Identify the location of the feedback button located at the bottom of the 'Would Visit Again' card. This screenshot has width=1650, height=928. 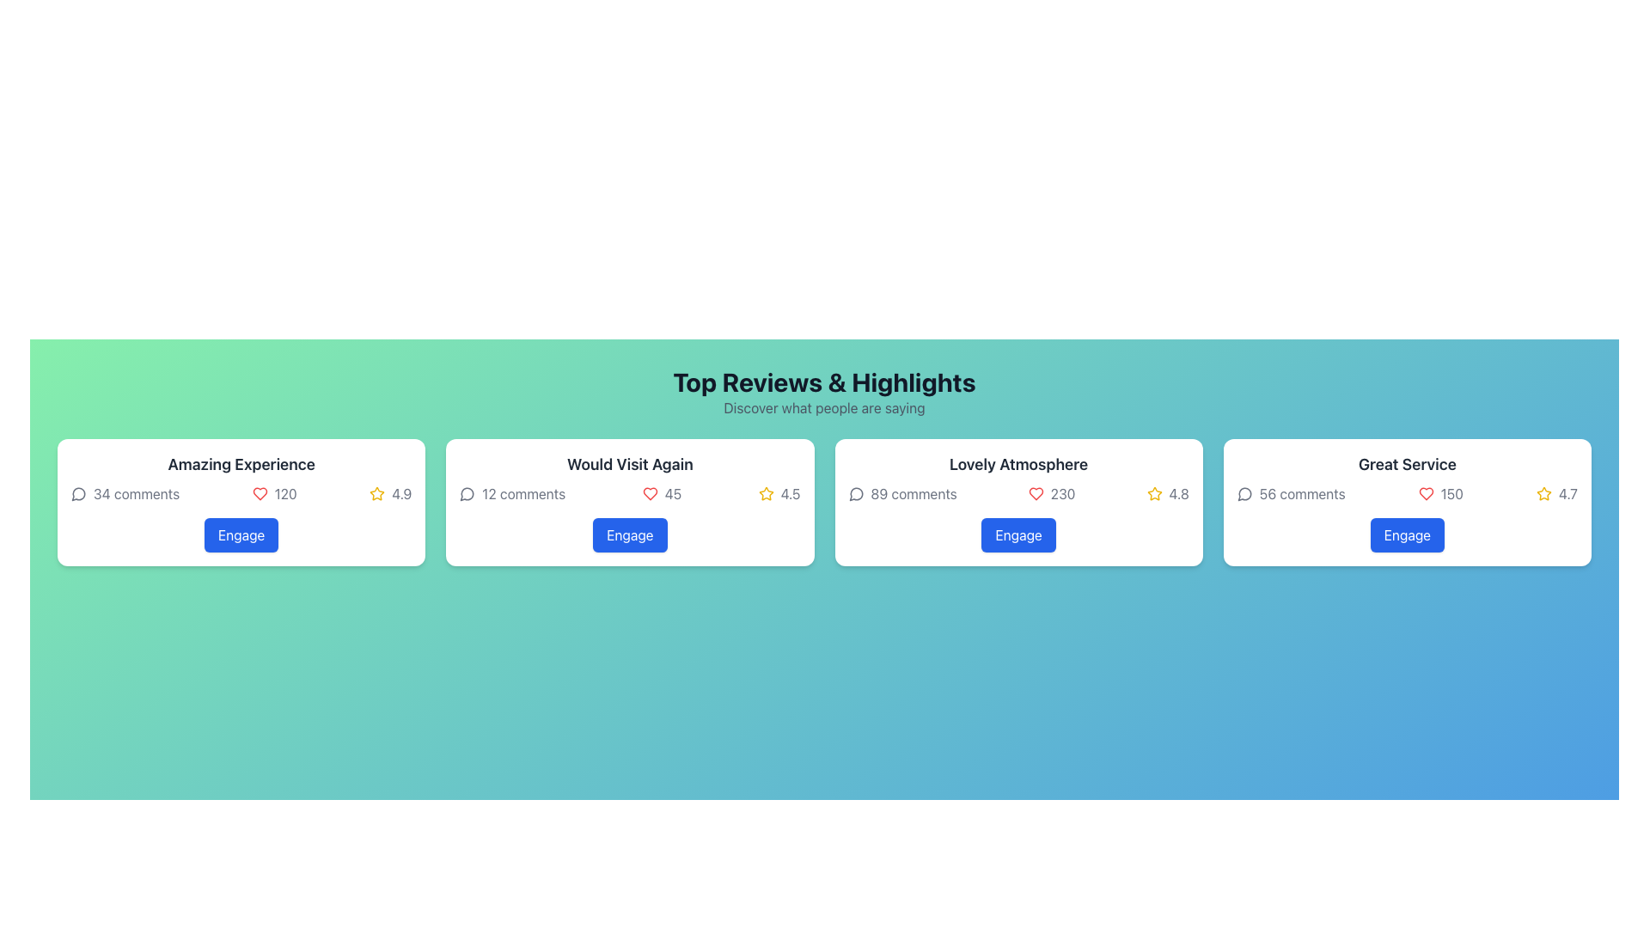
(629, 534).